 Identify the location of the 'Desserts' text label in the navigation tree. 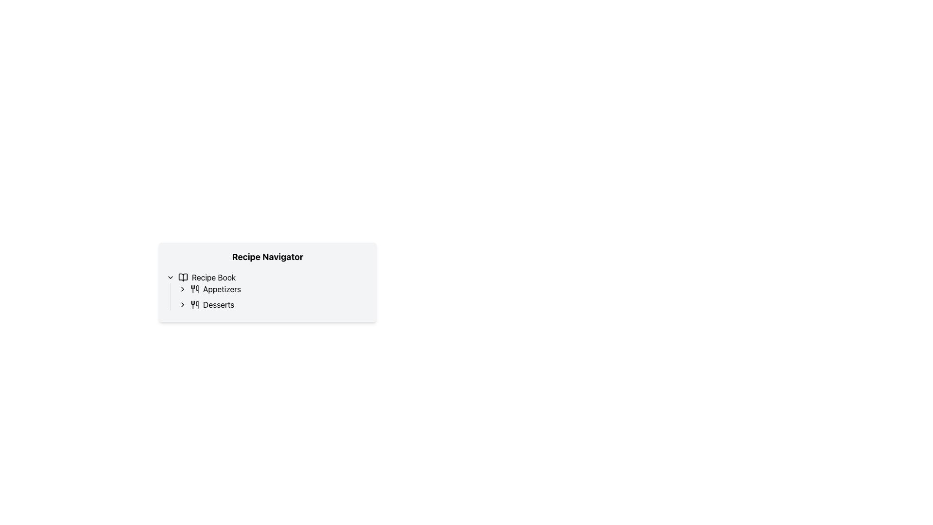
(218, 304).